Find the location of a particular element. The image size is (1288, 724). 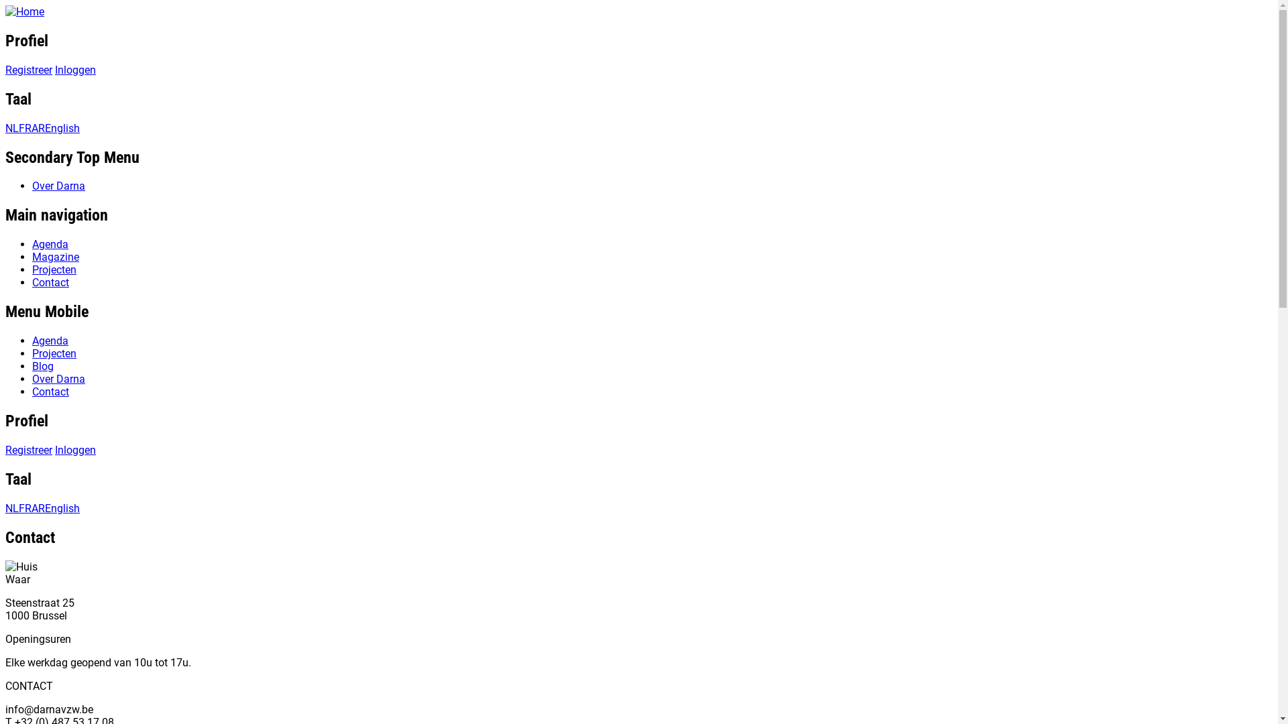

'Registreer' is located at coordinates (29, 70).